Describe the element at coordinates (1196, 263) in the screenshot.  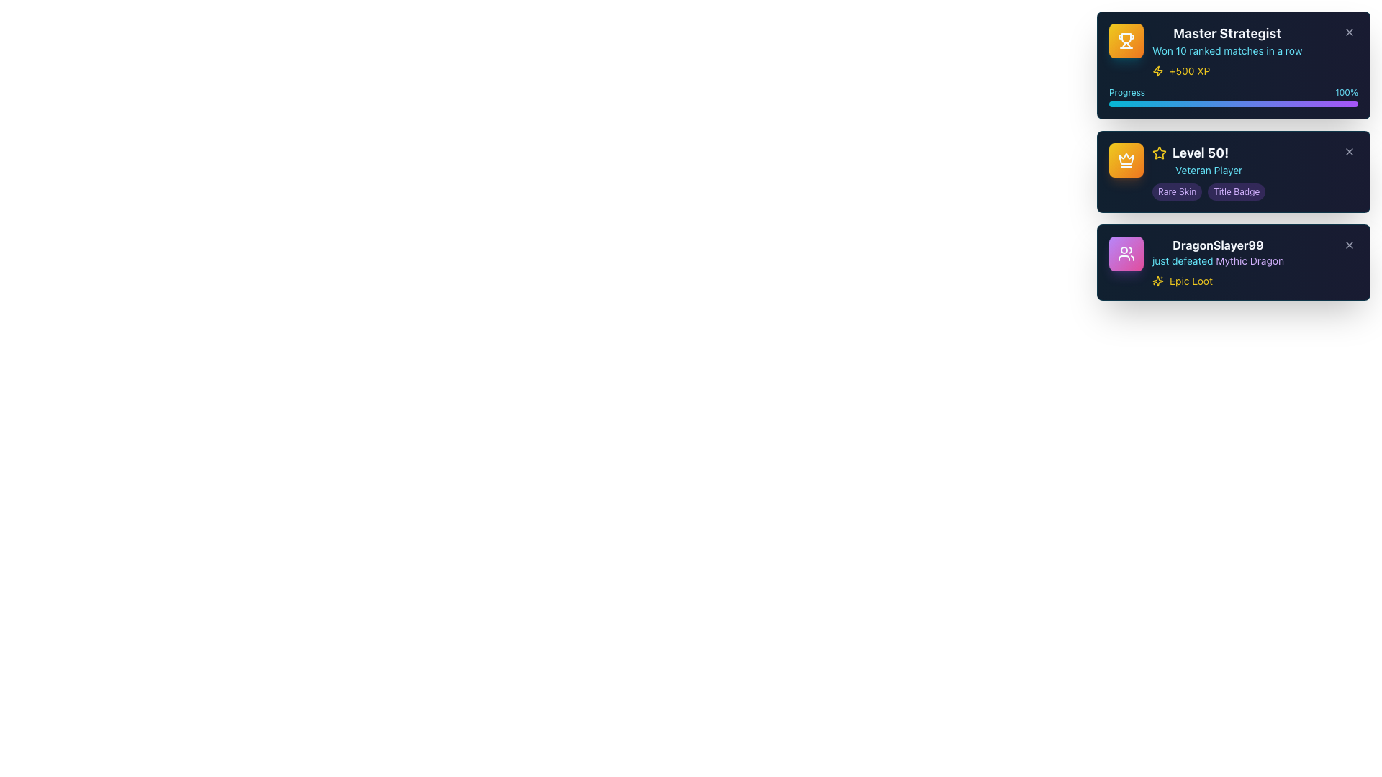
I see `the Notification Card that displays user achievements, located as the bottom-most item in a vertically-stacked list of three cards in the top-right corner of the interface` at that location.